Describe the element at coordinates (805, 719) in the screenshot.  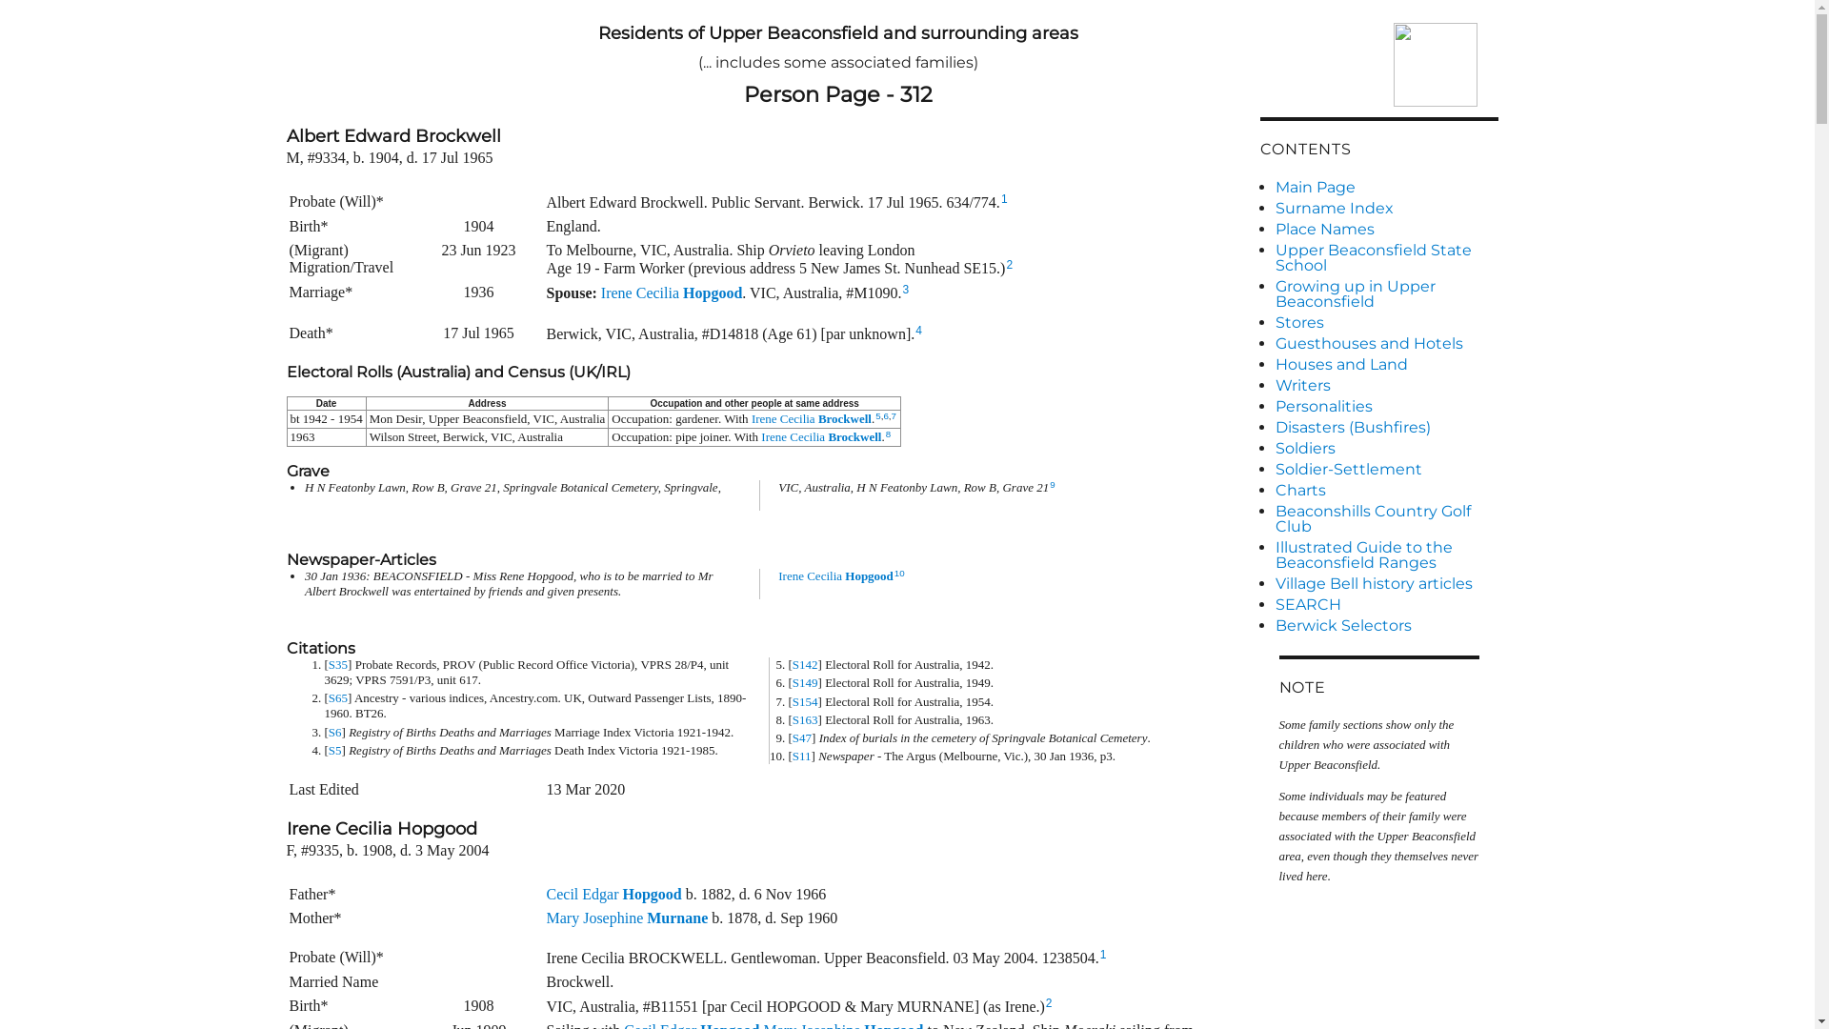
I see `'S163'` at that location.